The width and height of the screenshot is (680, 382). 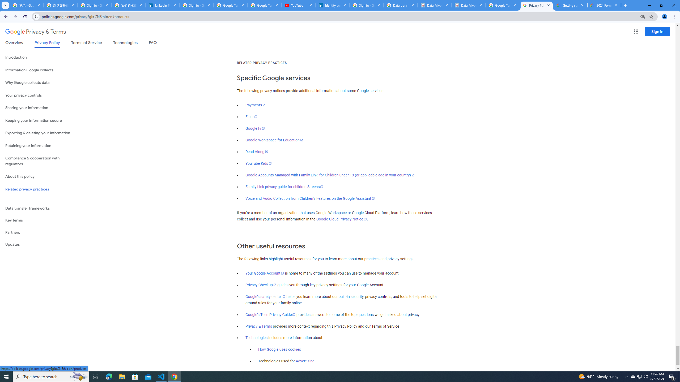 What do you see at coordinates (255, 128) in the screenshot?
I see `'Google Fi'` at bounding box center [255, 128].